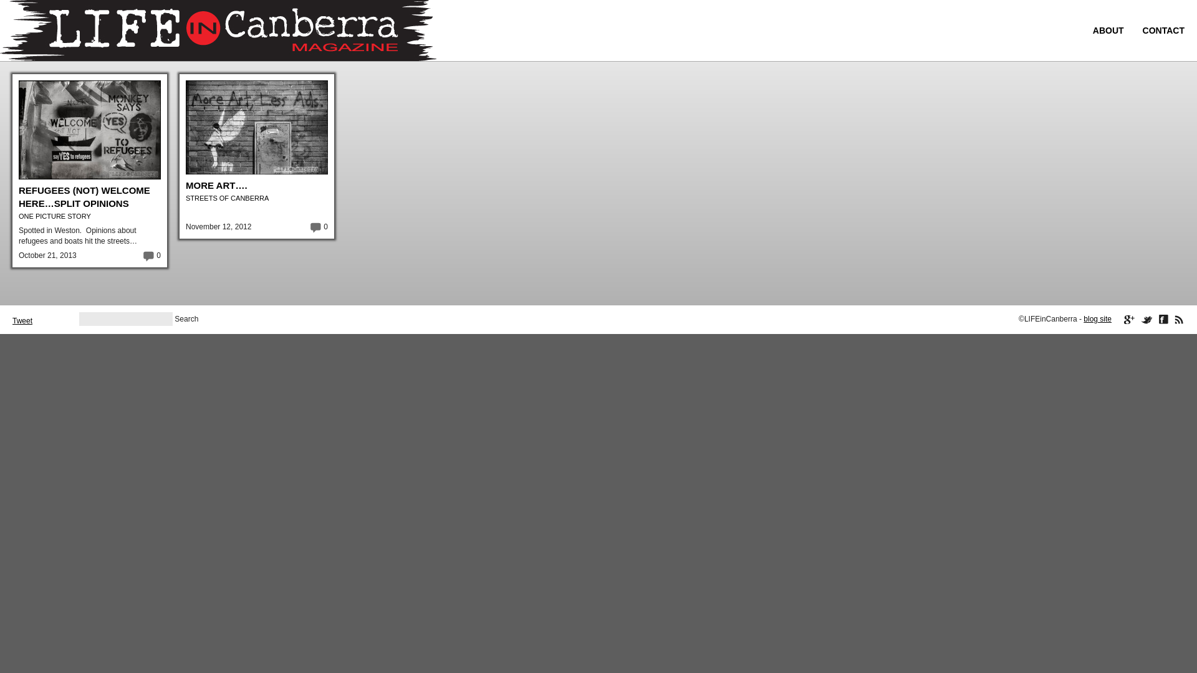 This screenshot has height=673, width=1197. Describe the element at coordinates (54, 216) in the screenshot. I see `'ONE PICTURE STORY'` at that location.